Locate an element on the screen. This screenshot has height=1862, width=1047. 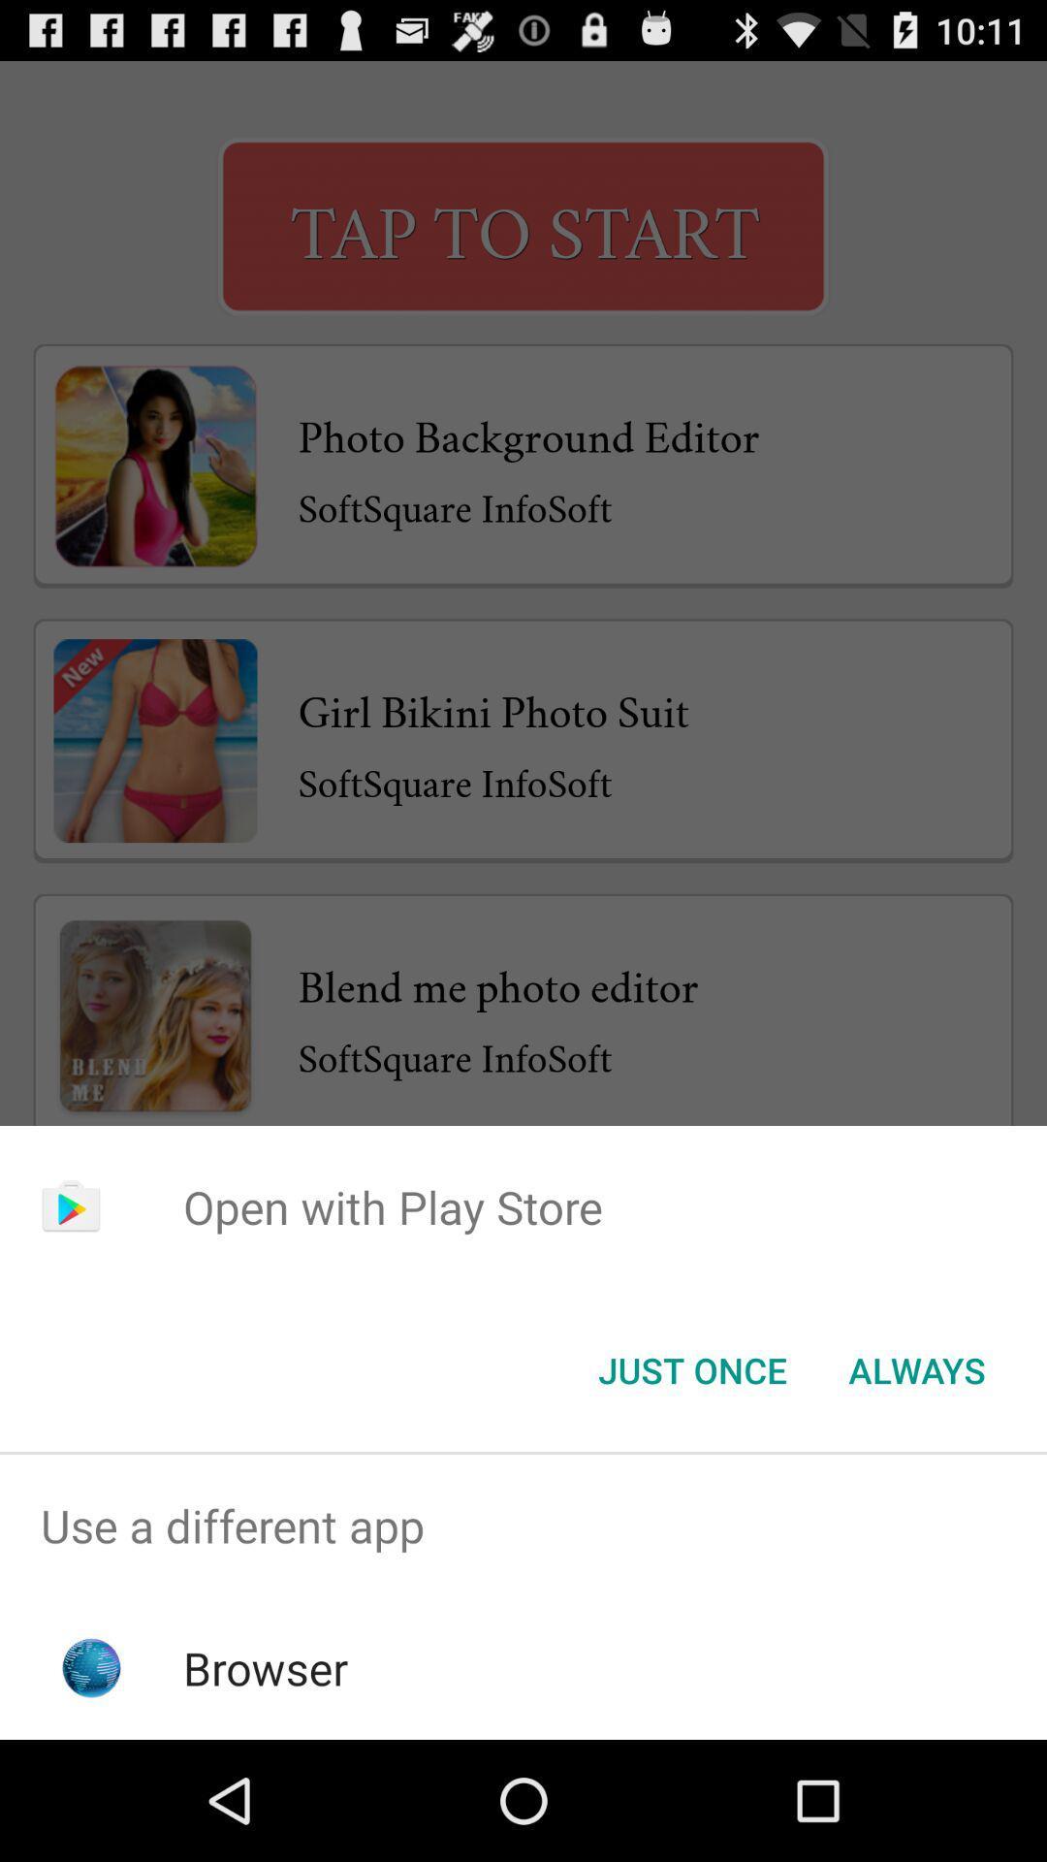
icon to the right of the just once item is located at coordinates (916, 1368).